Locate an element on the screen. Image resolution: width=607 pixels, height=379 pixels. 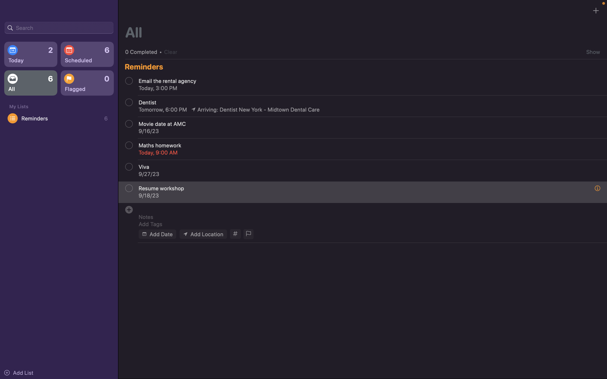
Append the note "discuss the solutions for homework 3" to the event is located at coordinates (365, 217).